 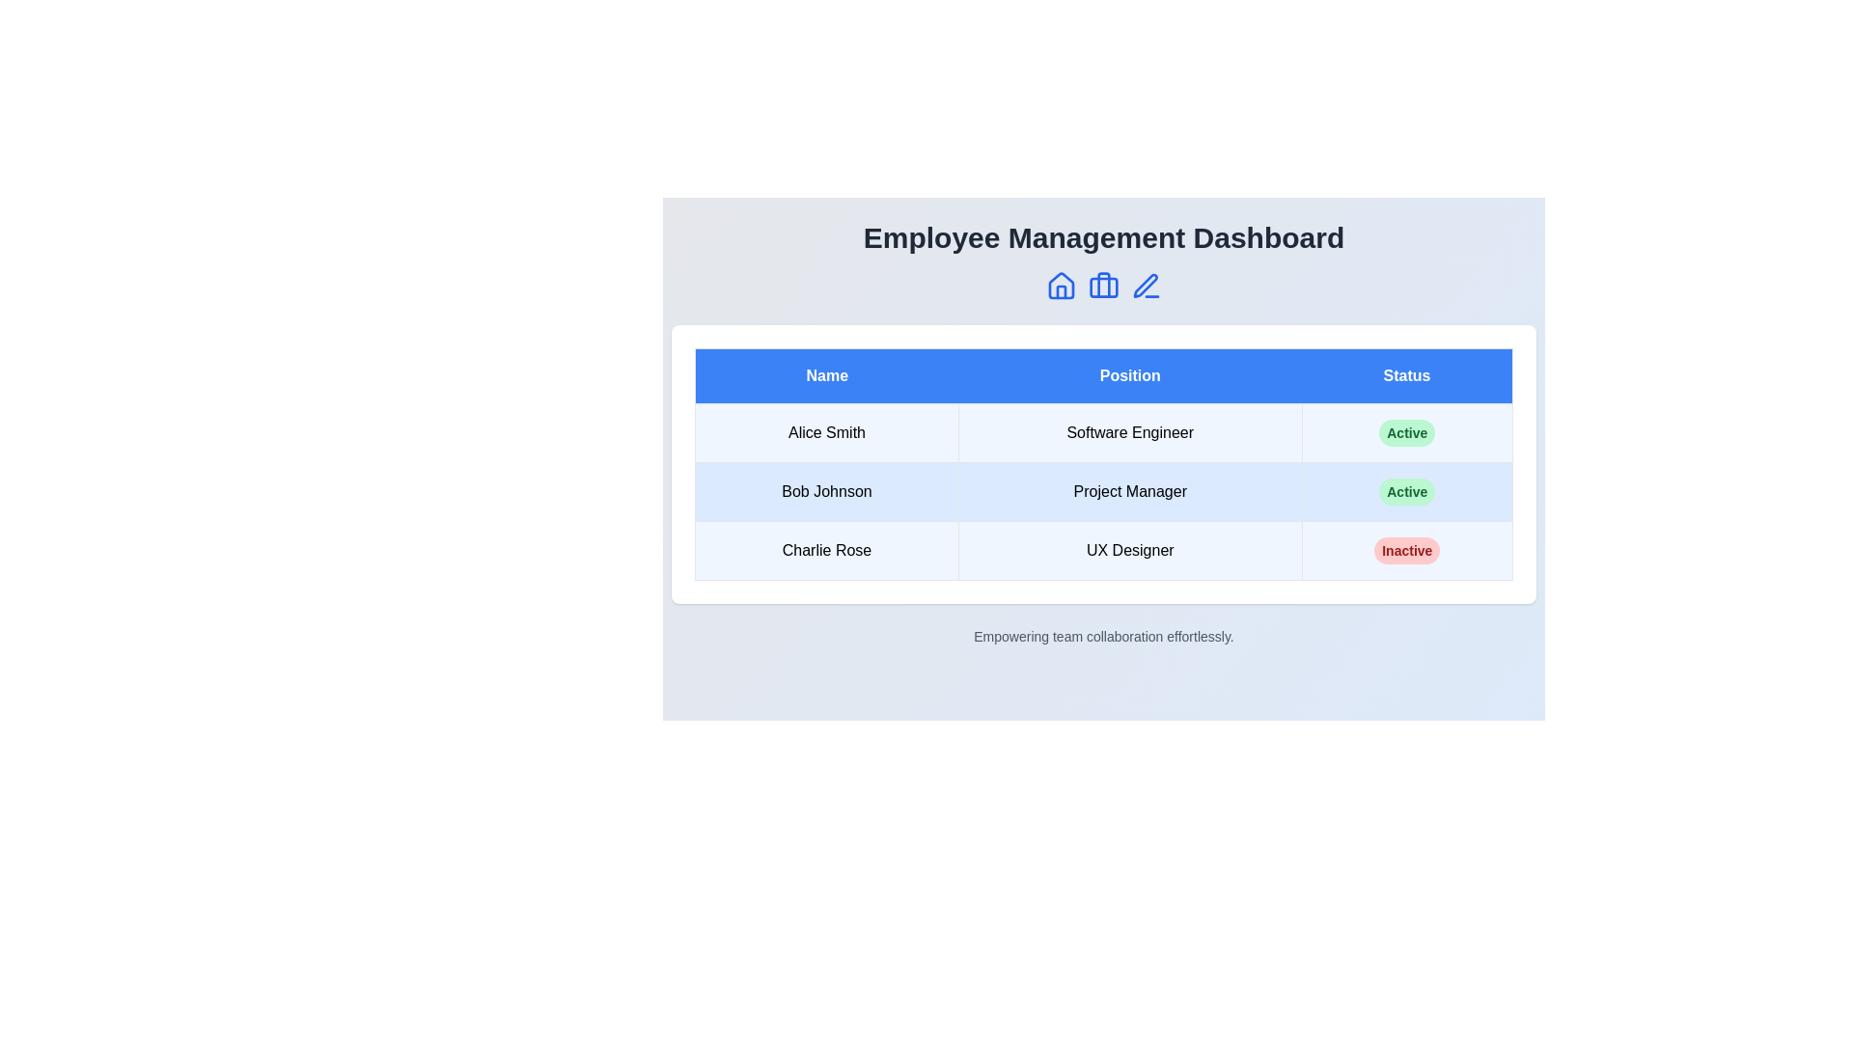 I want to click on the bold, black, large-sized text label displaying 'Employee Management Dashboard', which is centered in the header section above the row of blue icons, so click(x=1103, y=236).